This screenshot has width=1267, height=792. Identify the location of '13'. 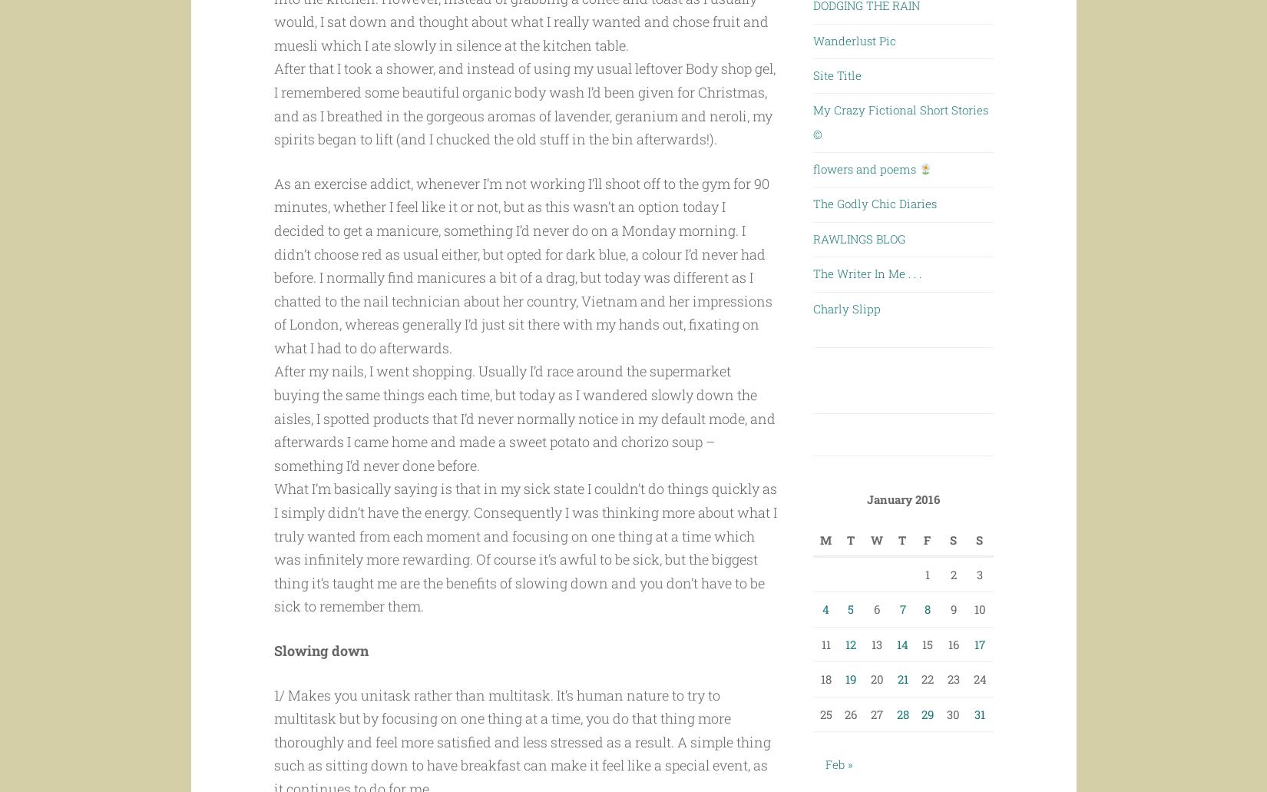
(876, 643).